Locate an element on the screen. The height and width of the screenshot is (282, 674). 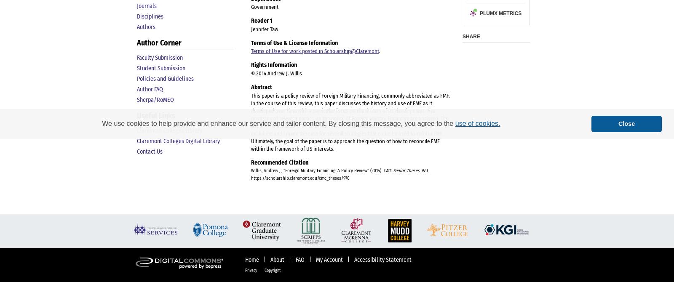
'Claremont Colleges Digital Library' is located at coordinates (136, 141).